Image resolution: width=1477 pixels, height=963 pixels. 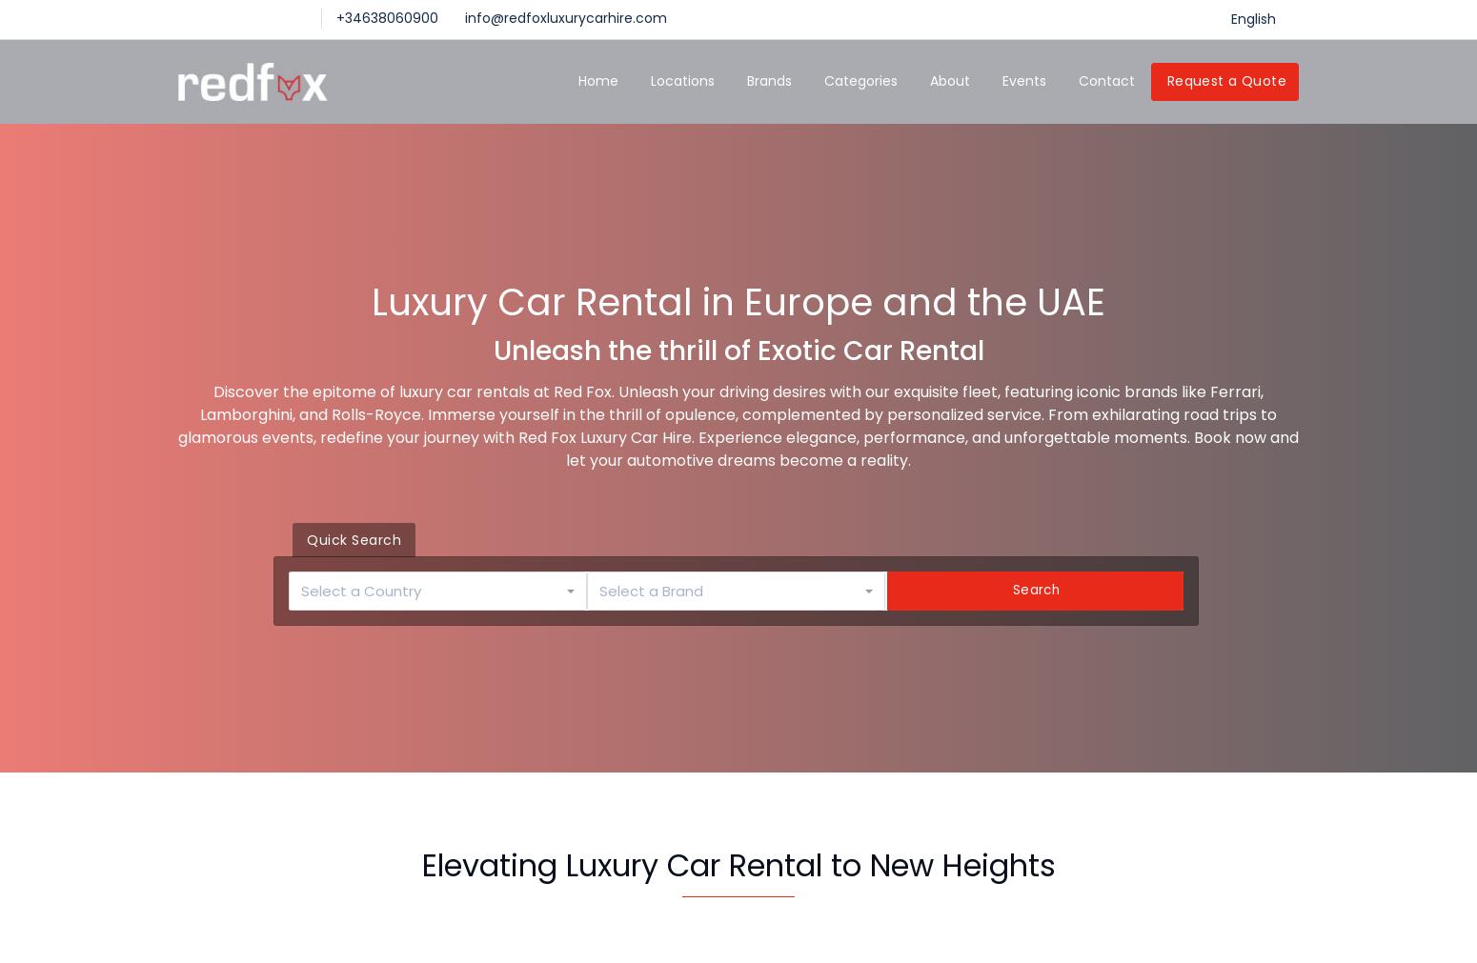 I want to click on 'Contact', so click(x=1077, y=80).